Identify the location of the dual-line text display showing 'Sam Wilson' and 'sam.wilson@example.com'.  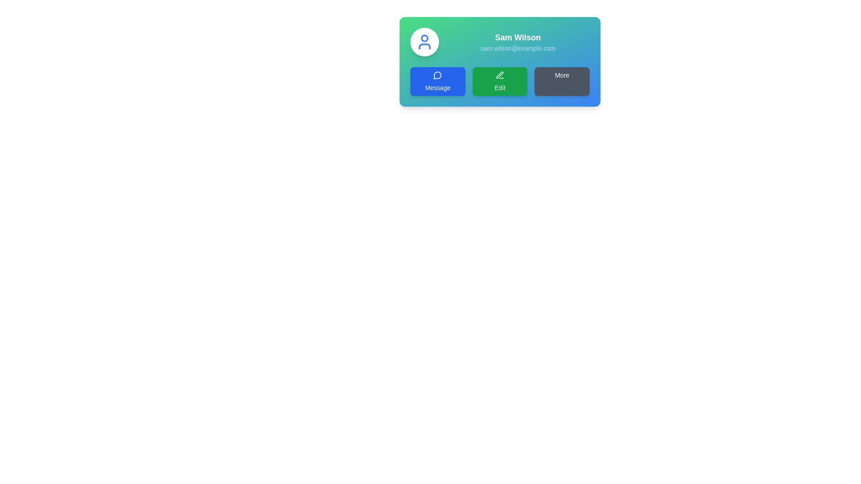
(499, 42).